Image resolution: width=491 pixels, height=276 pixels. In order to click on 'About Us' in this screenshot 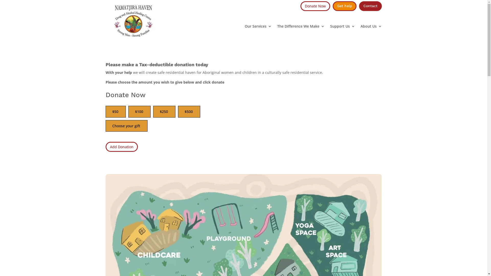, I will do `click(371, 26)`.